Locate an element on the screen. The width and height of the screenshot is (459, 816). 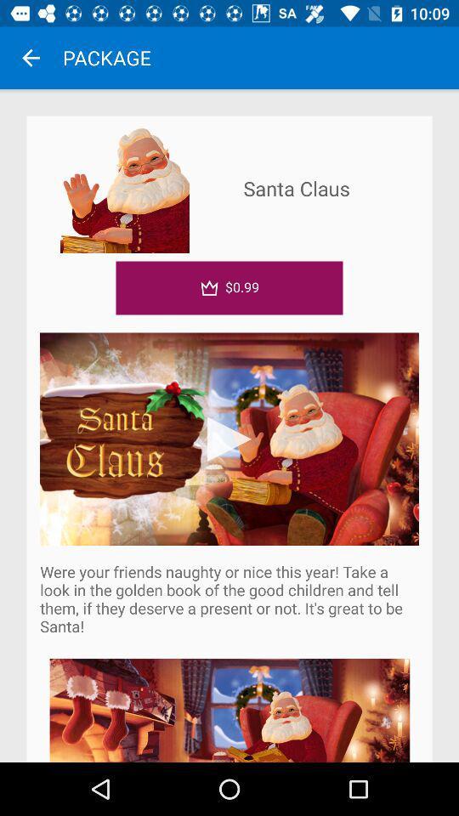
the were your friends is located at coordinates (229, 598).